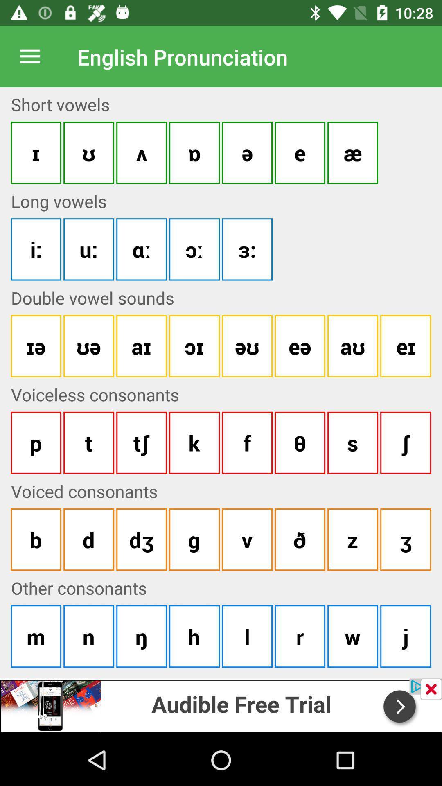 The height and width of the screenshot is (786, 442). I want to click on the 8th box with symbol below voiced consonants, so click(406, 540).